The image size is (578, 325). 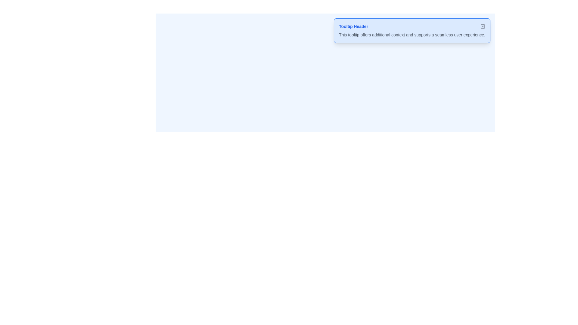 What do you see at coordinates (483, 26) in the screenshot?
I see `the close button represented by an 'x' icon located in the top-right corner of the blue tooltip box` at bounding box center [483, 26].